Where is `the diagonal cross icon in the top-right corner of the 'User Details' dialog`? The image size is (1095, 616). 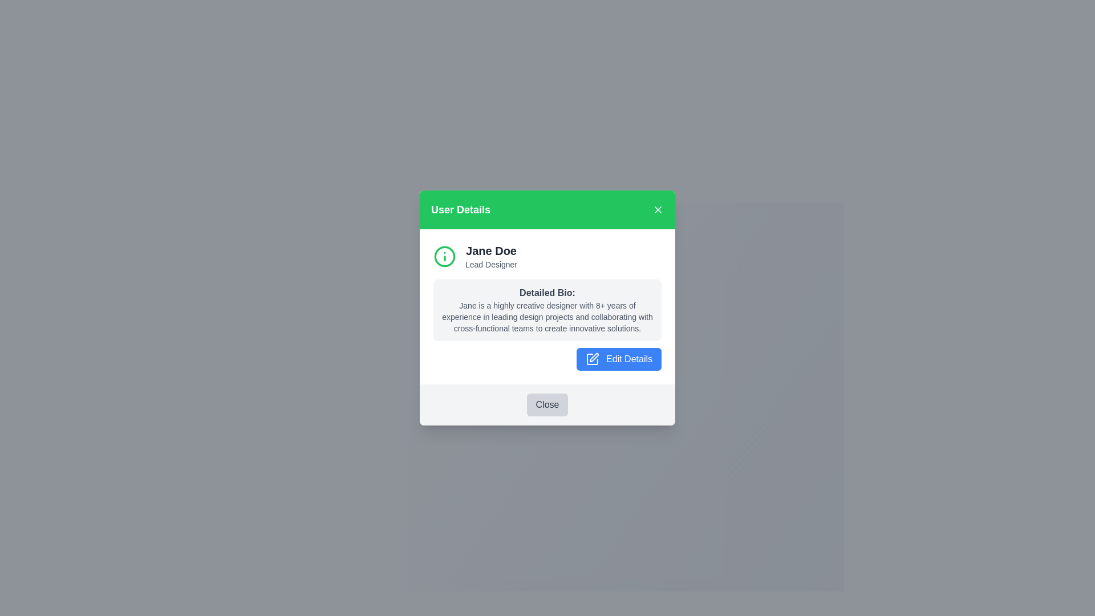
the diagonal cross icon in the top-right corner of the 'User Details' dialog is located at coordinates (658, 209).